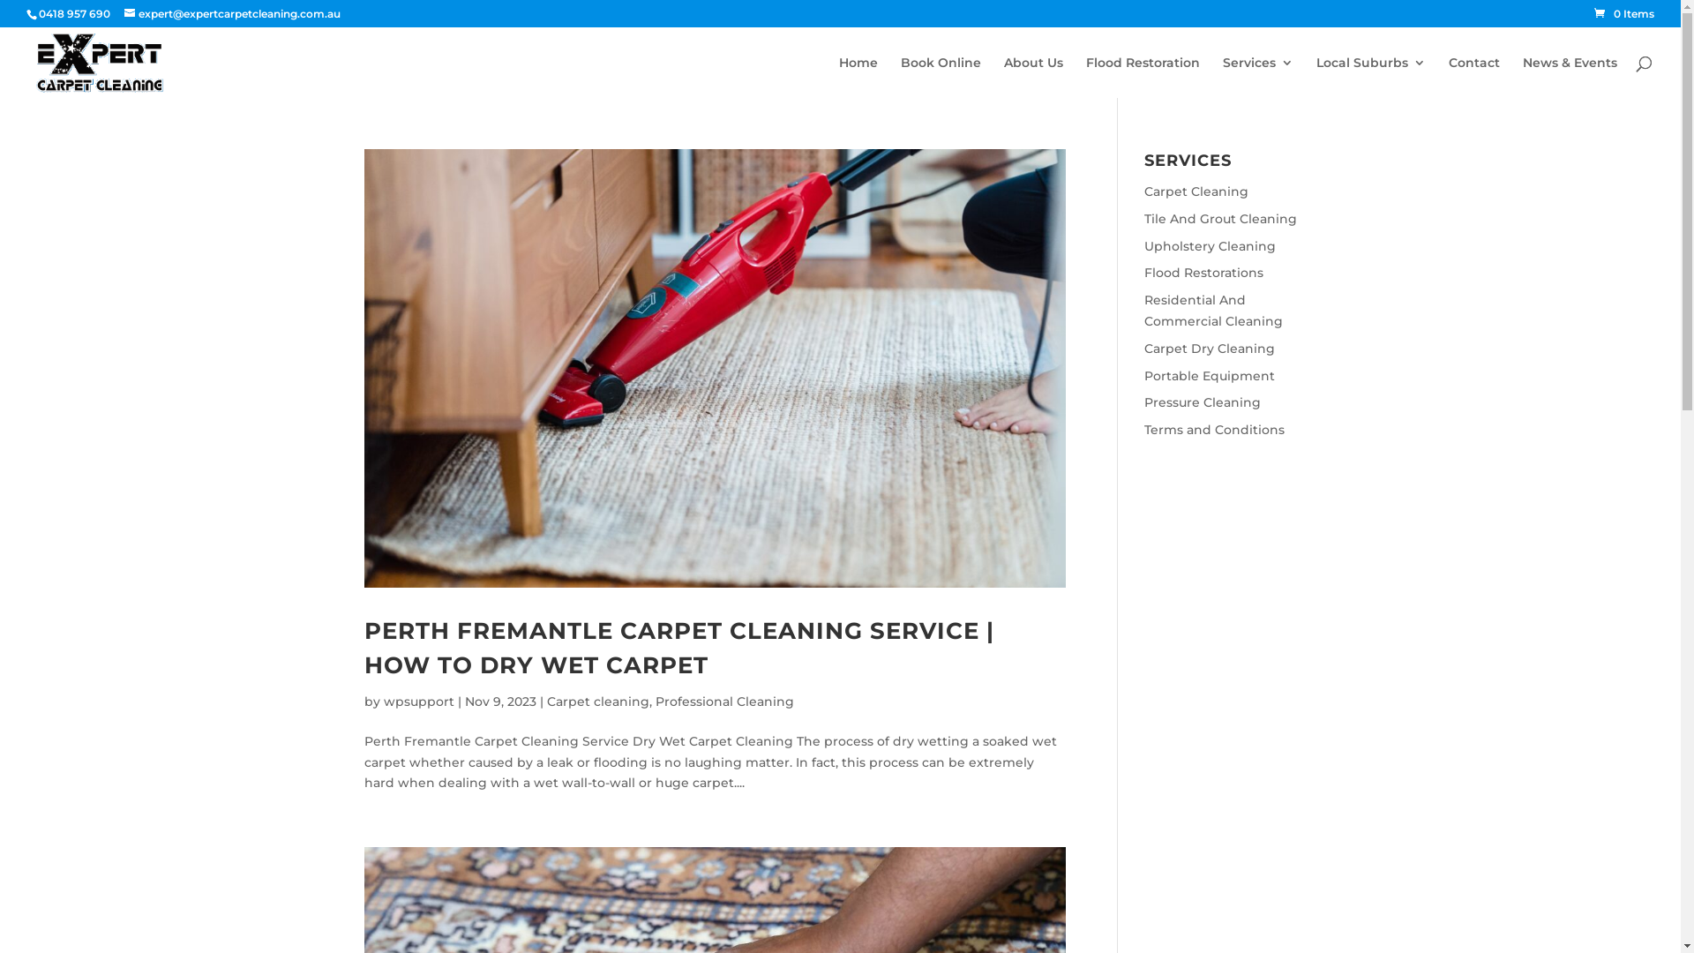  Describe the element at coordinates (1623, 13) in the screenshot. I see `'0 Items'` at that location.